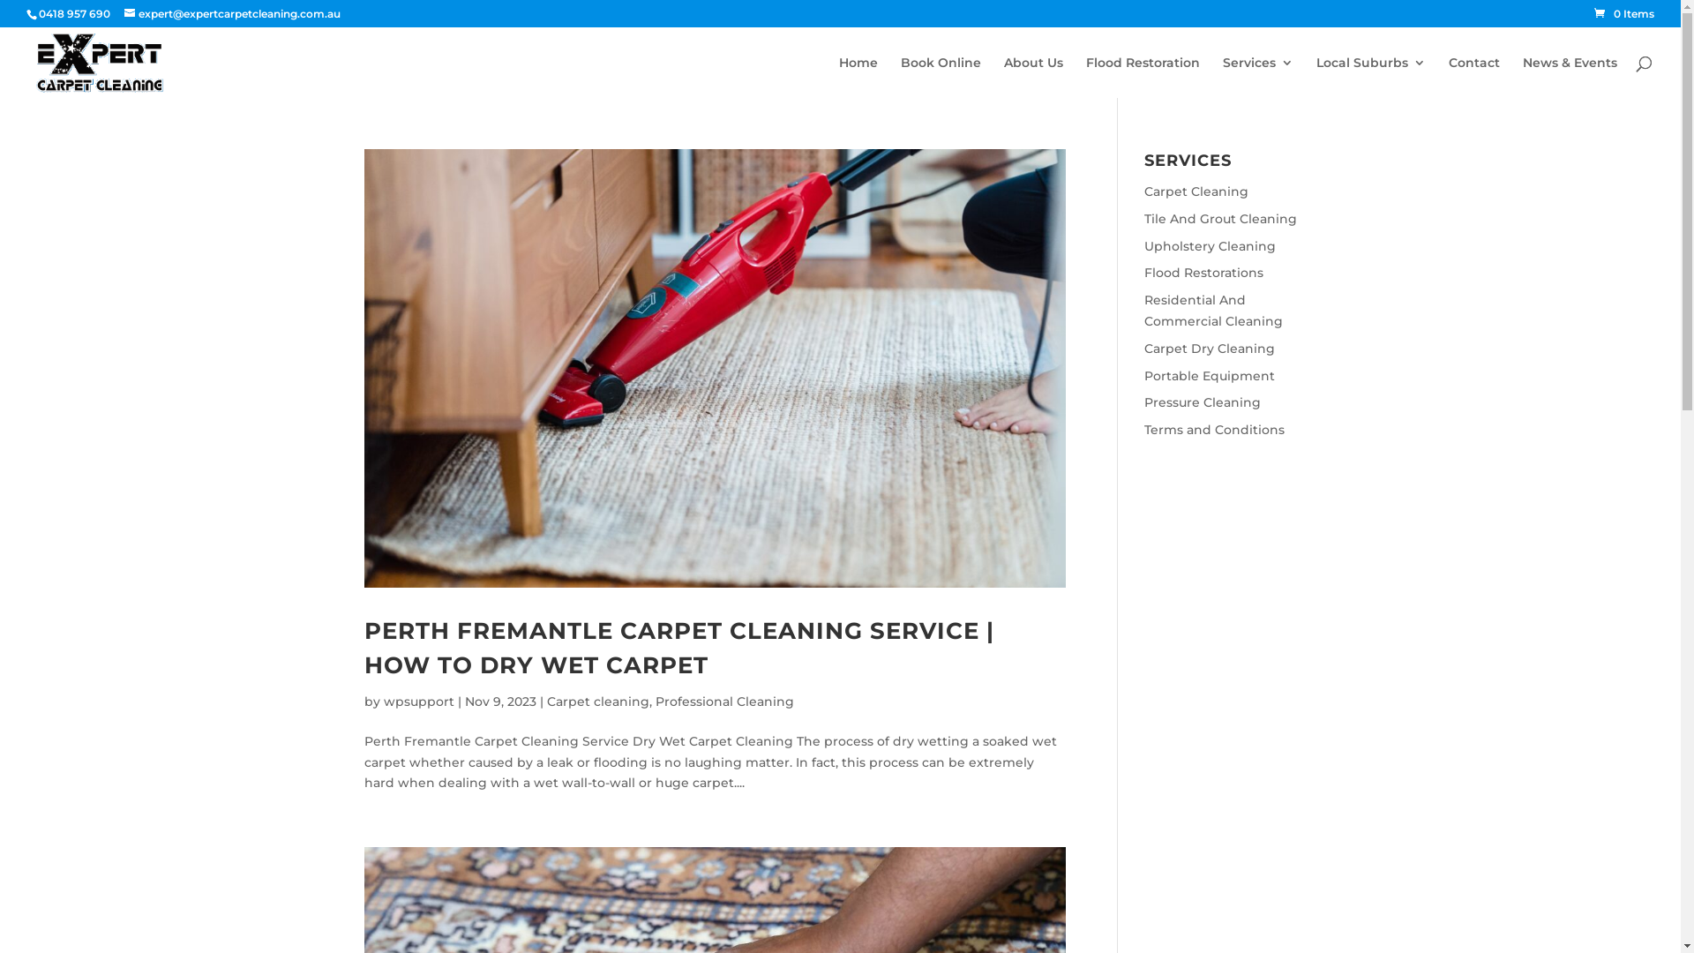  Describe the element at coordinates (1623, 13) in the screenshot. I see `'0 Items'` at that location.